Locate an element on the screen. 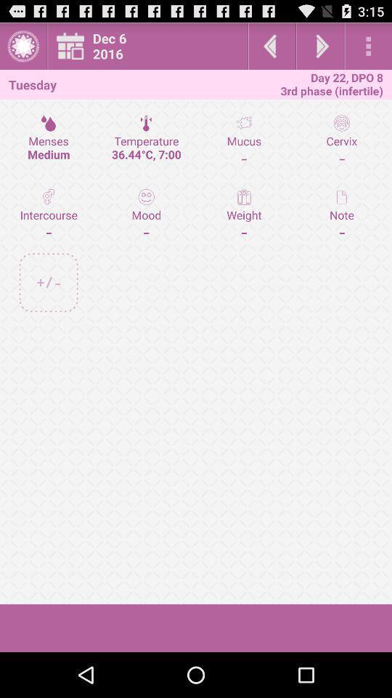 This screenshot has width=392, height=698. intercourse is located at coordinates (49, 213).